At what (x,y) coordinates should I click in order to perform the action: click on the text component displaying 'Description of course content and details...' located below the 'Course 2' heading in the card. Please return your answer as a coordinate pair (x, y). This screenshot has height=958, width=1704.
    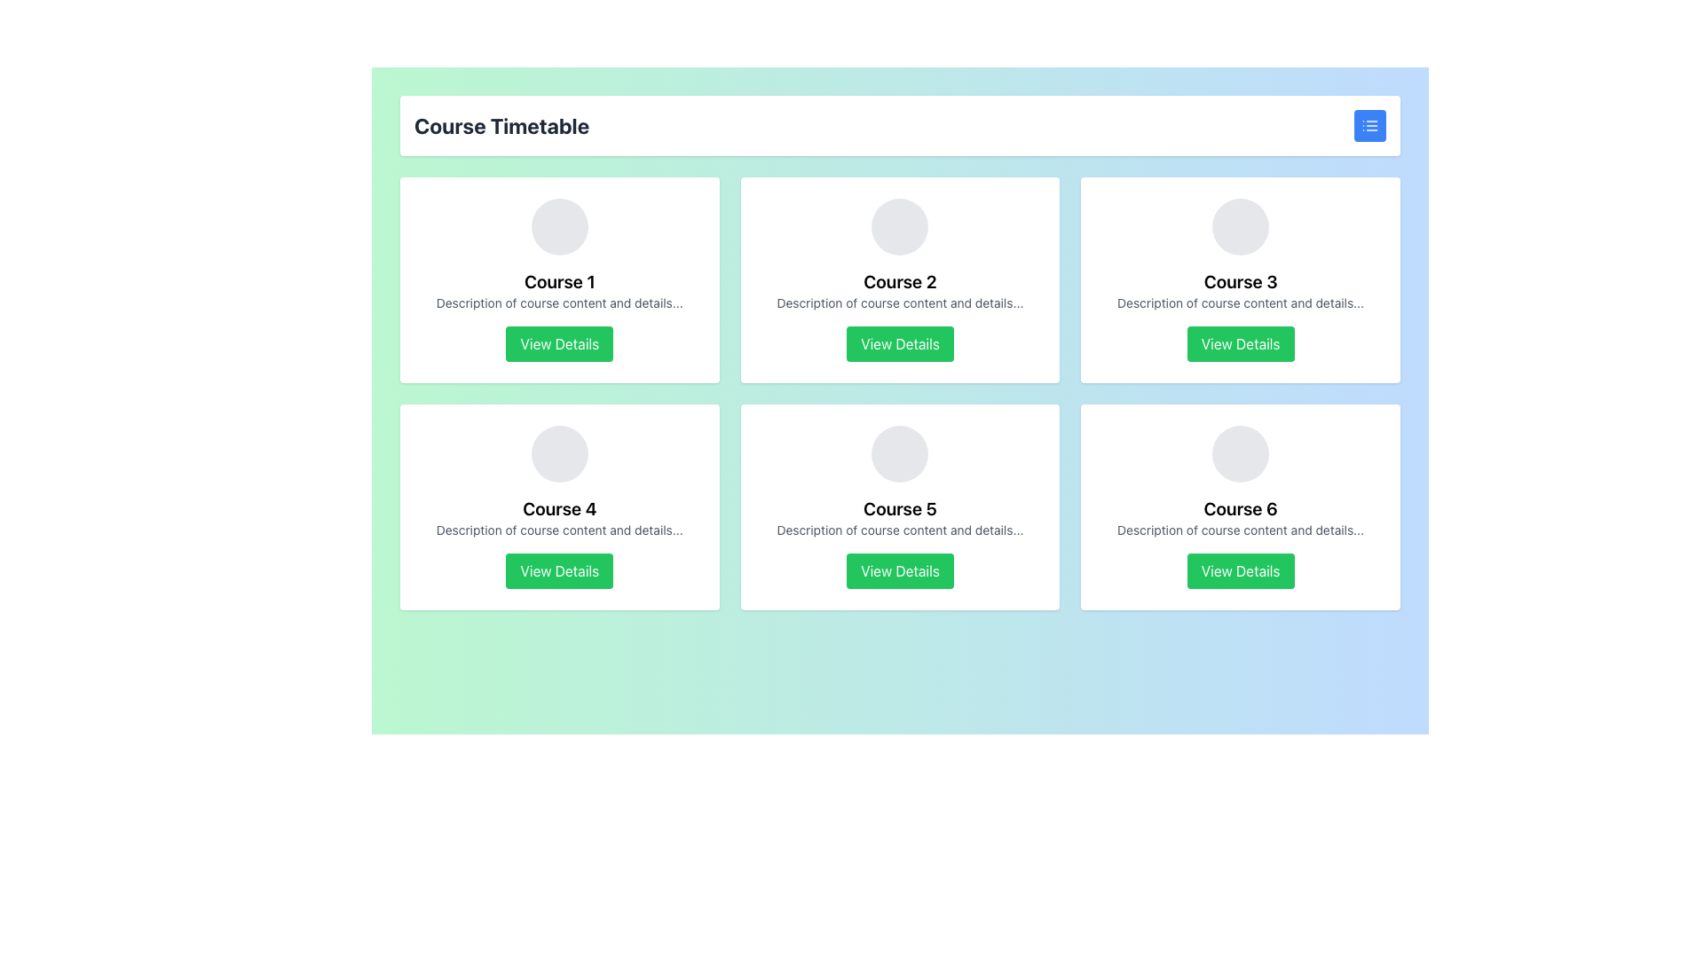
    Looking at the image, I should click on (900, 302).